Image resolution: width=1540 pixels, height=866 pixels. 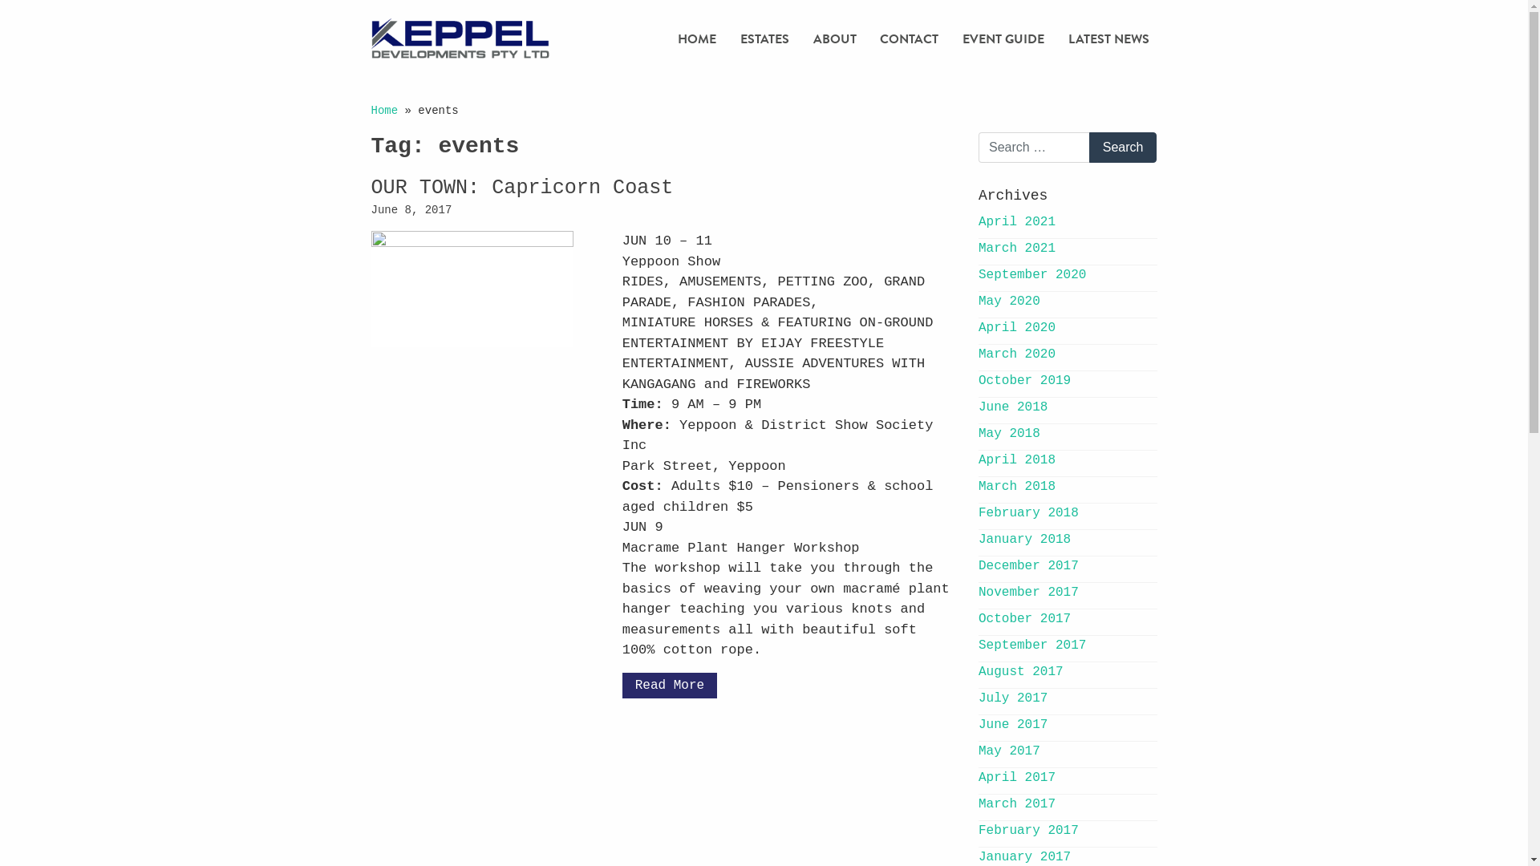 I want to click on 'Read More', so click(x=622, y=686).